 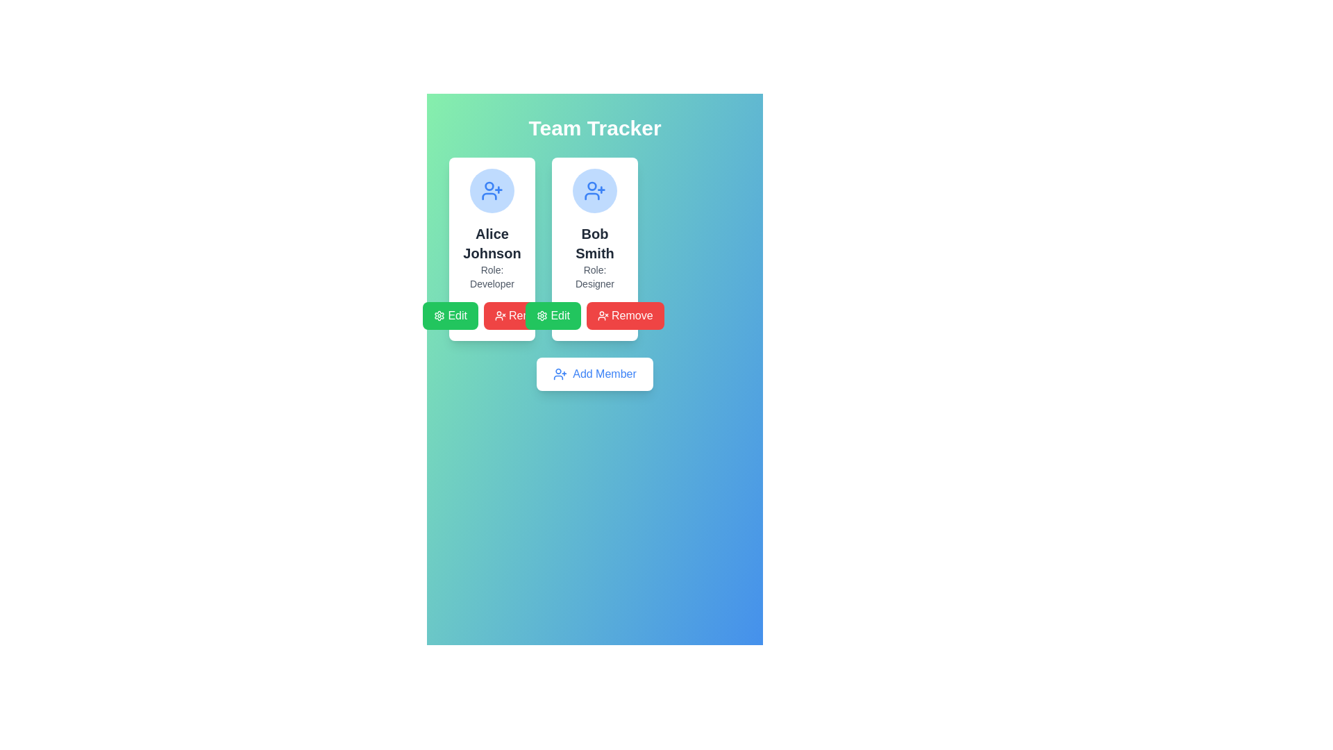 What do you see at coordinates (595, 276) in the screenshot?
I see `the text label that displays 'Role: Designer,' which is styled with small-sized, gray-colored text and located within the second card from the left, below the name 'Bob Smith' and above the action buttons 'Edit' and 'Remove.'` at bounding box center [595, 276].